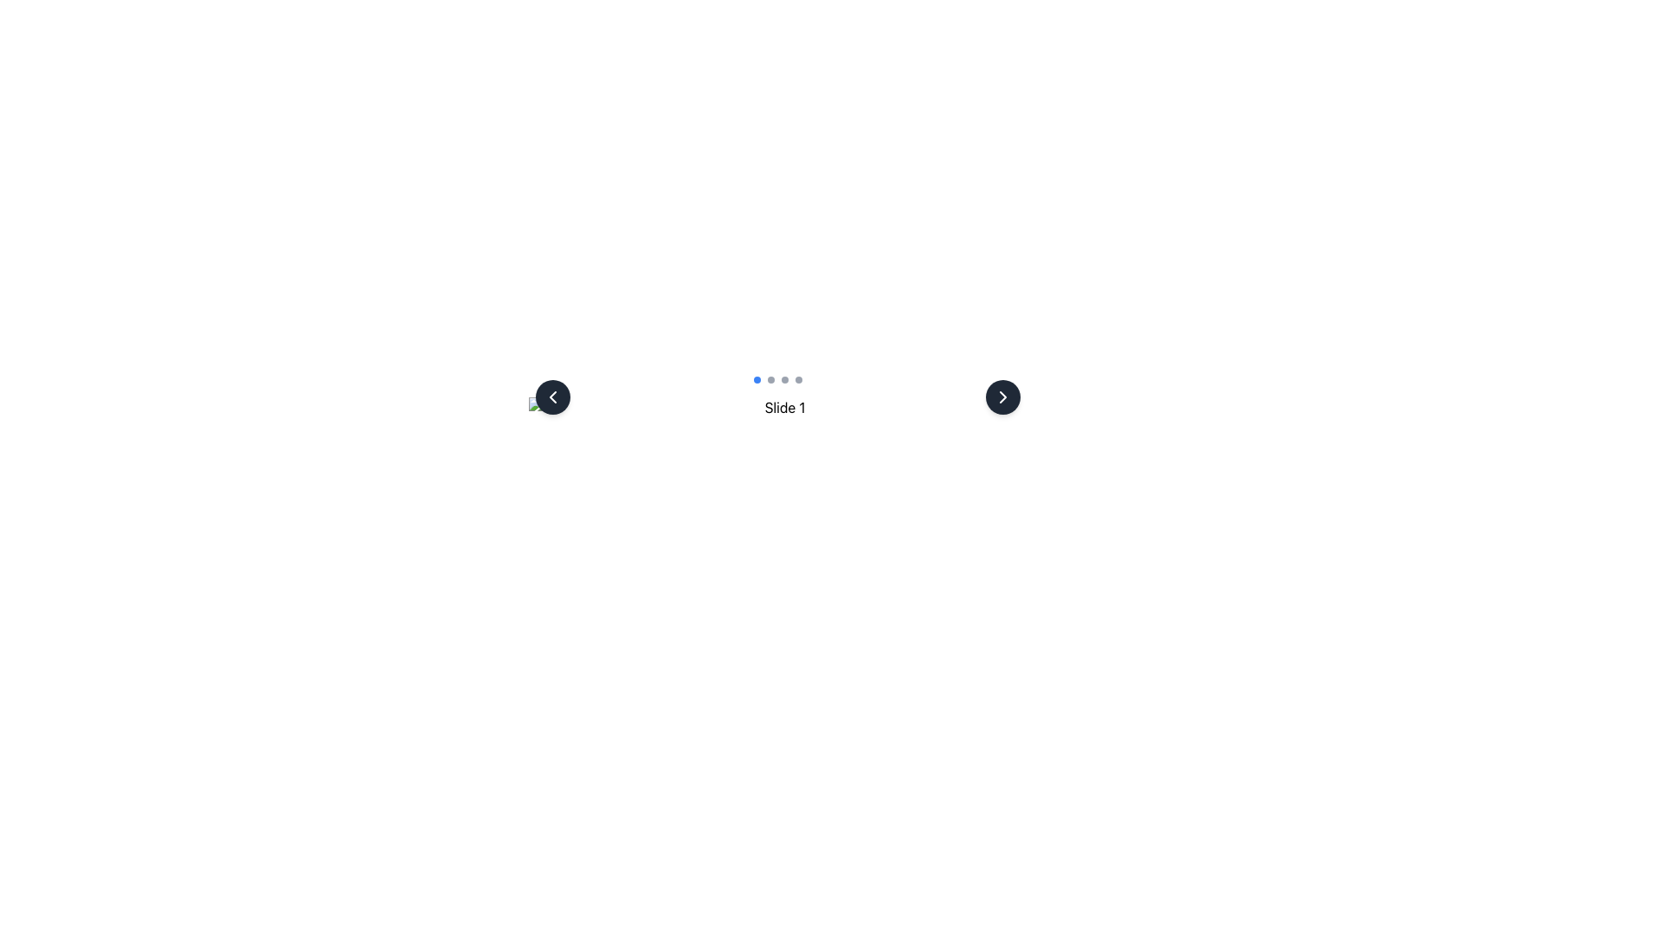 Image resolution: width=1662 pixels, height=935 pixels. I want to click on the rightward arrow icon located within the circular navigation button at the rightmost side of the interface, so click(1002, 397).